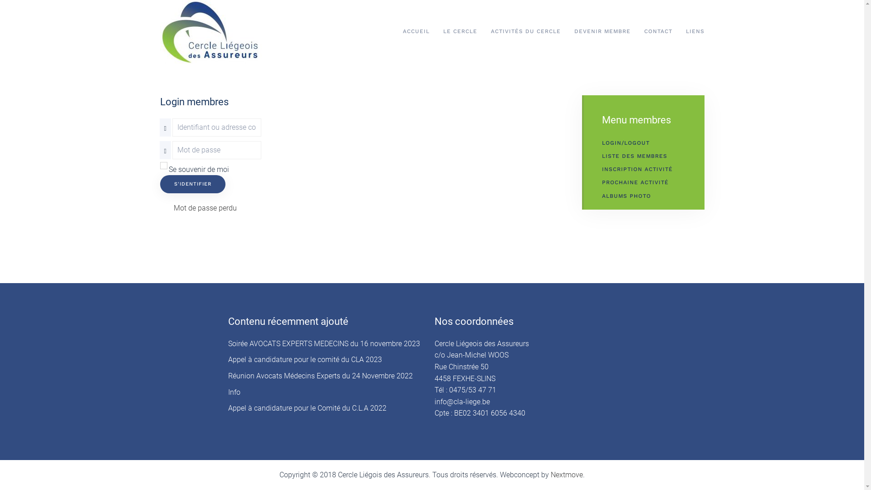 This screenshot has height=490, width=871. I want to click on 'LISTE DES MEMBRES', so click(643, 156).